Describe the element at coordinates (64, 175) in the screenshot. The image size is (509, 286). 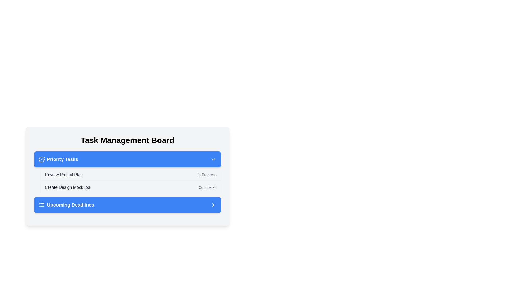
I see `the text label reading 'Review Project Plan' located in the upper-left section of the 'Priority Tasks' list item` at that location.